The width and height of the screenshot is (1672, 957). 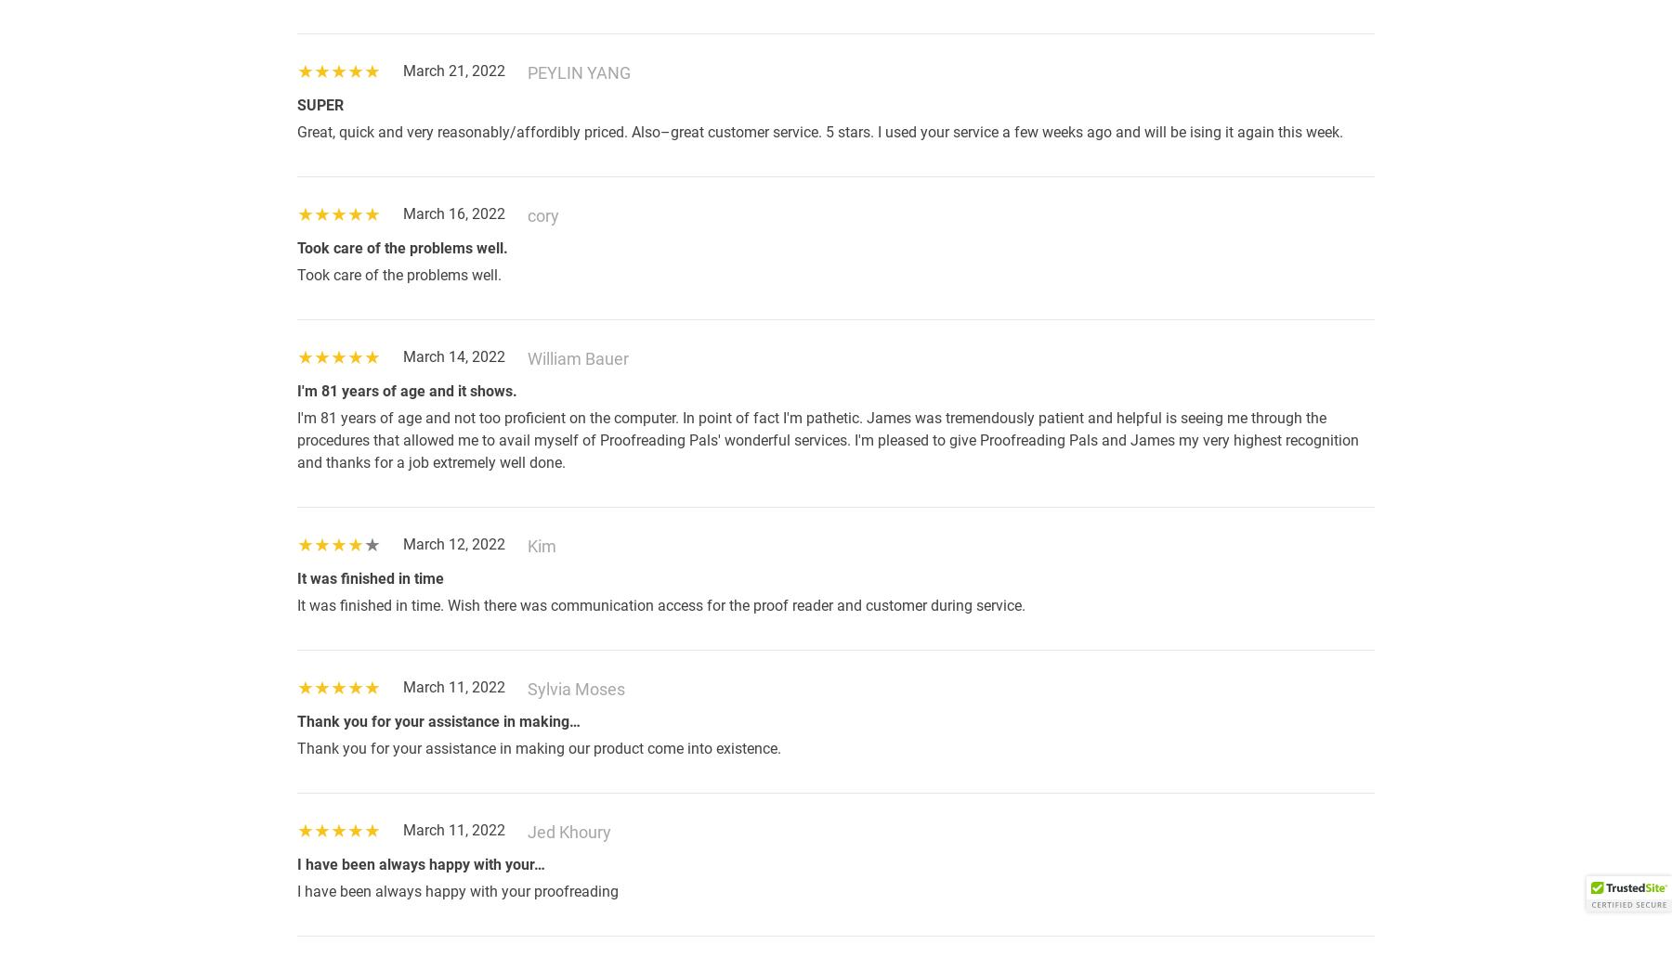 I want to click on 'March 16, 2022', so click(x=453, y=213).